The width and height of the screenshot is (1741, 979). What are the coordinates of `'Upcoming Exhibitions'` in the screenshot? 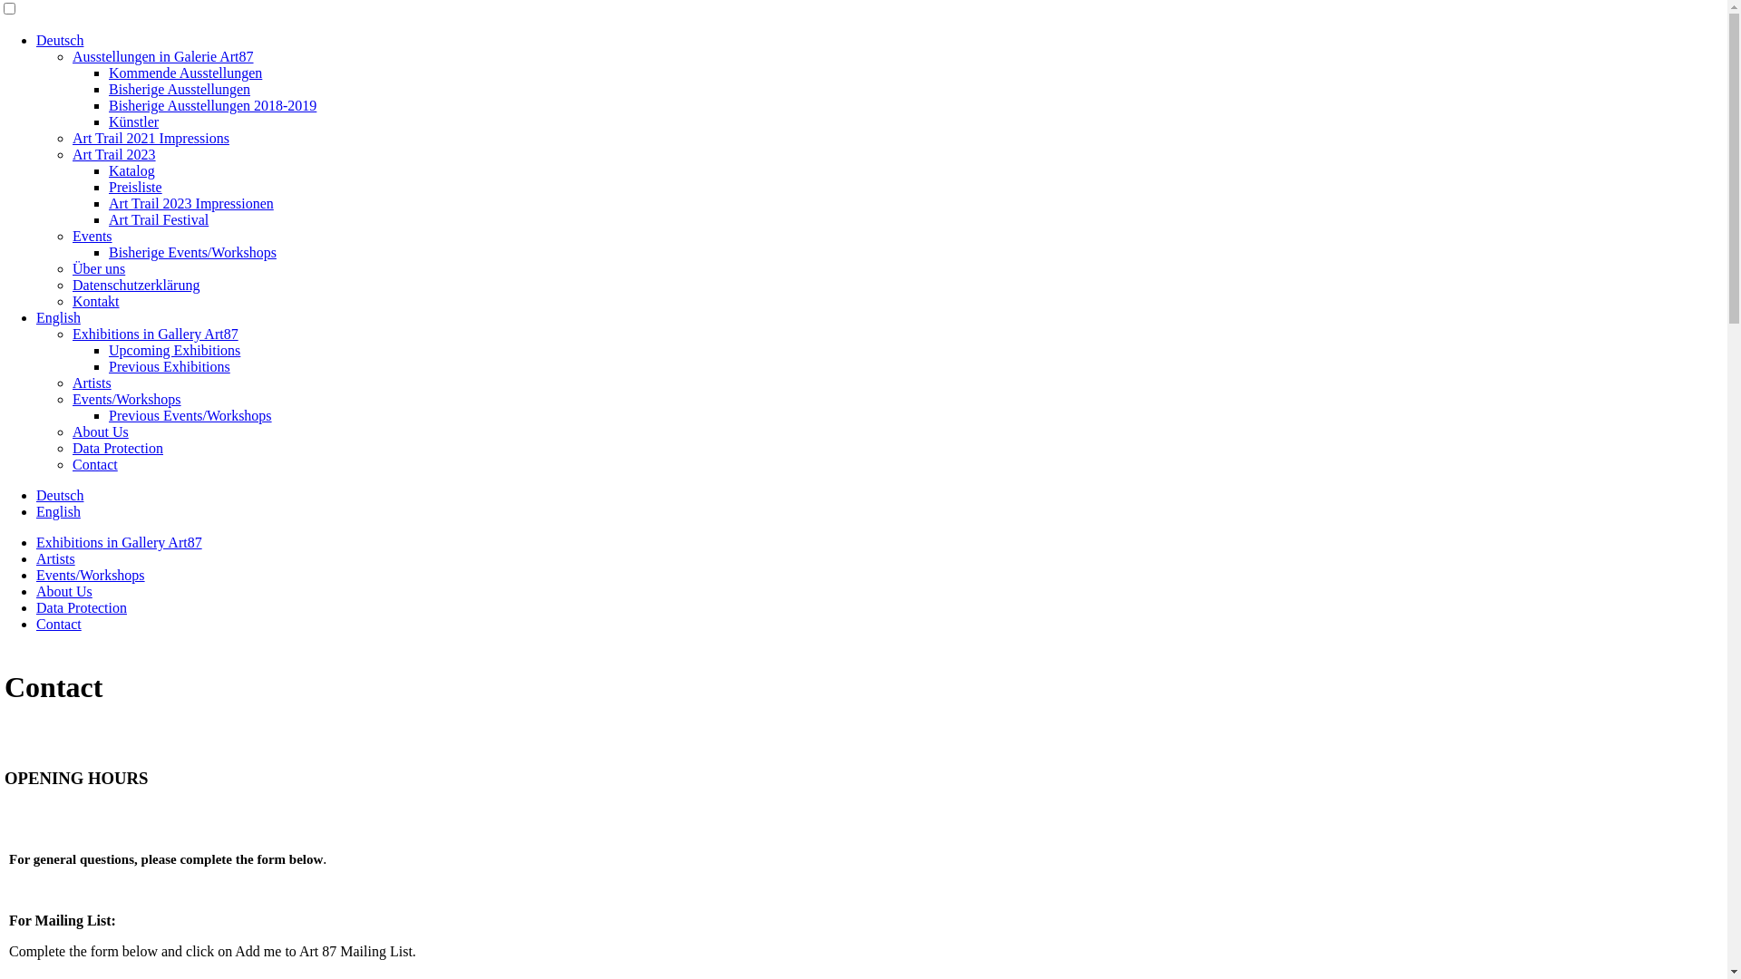 It's located at (174, 350).